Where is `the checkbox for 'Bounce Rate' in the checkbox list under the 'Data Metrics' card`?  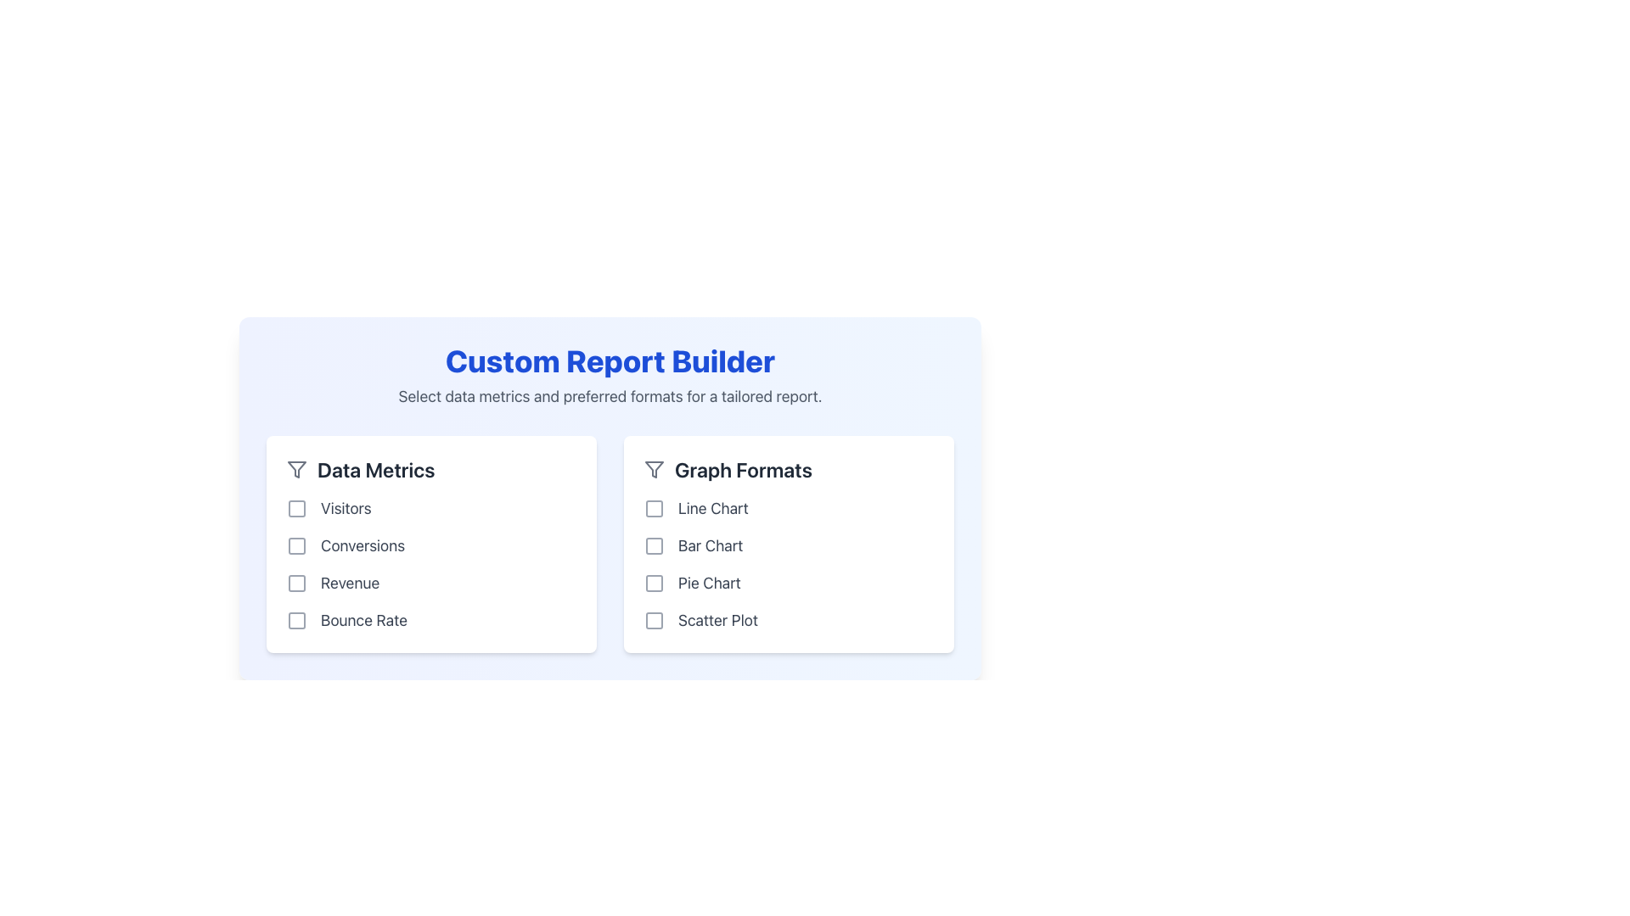
the checkbox for 'Bounce Rate' in the checkbox list under the 'Data Metrics' card is located at coordinates (431, 565).